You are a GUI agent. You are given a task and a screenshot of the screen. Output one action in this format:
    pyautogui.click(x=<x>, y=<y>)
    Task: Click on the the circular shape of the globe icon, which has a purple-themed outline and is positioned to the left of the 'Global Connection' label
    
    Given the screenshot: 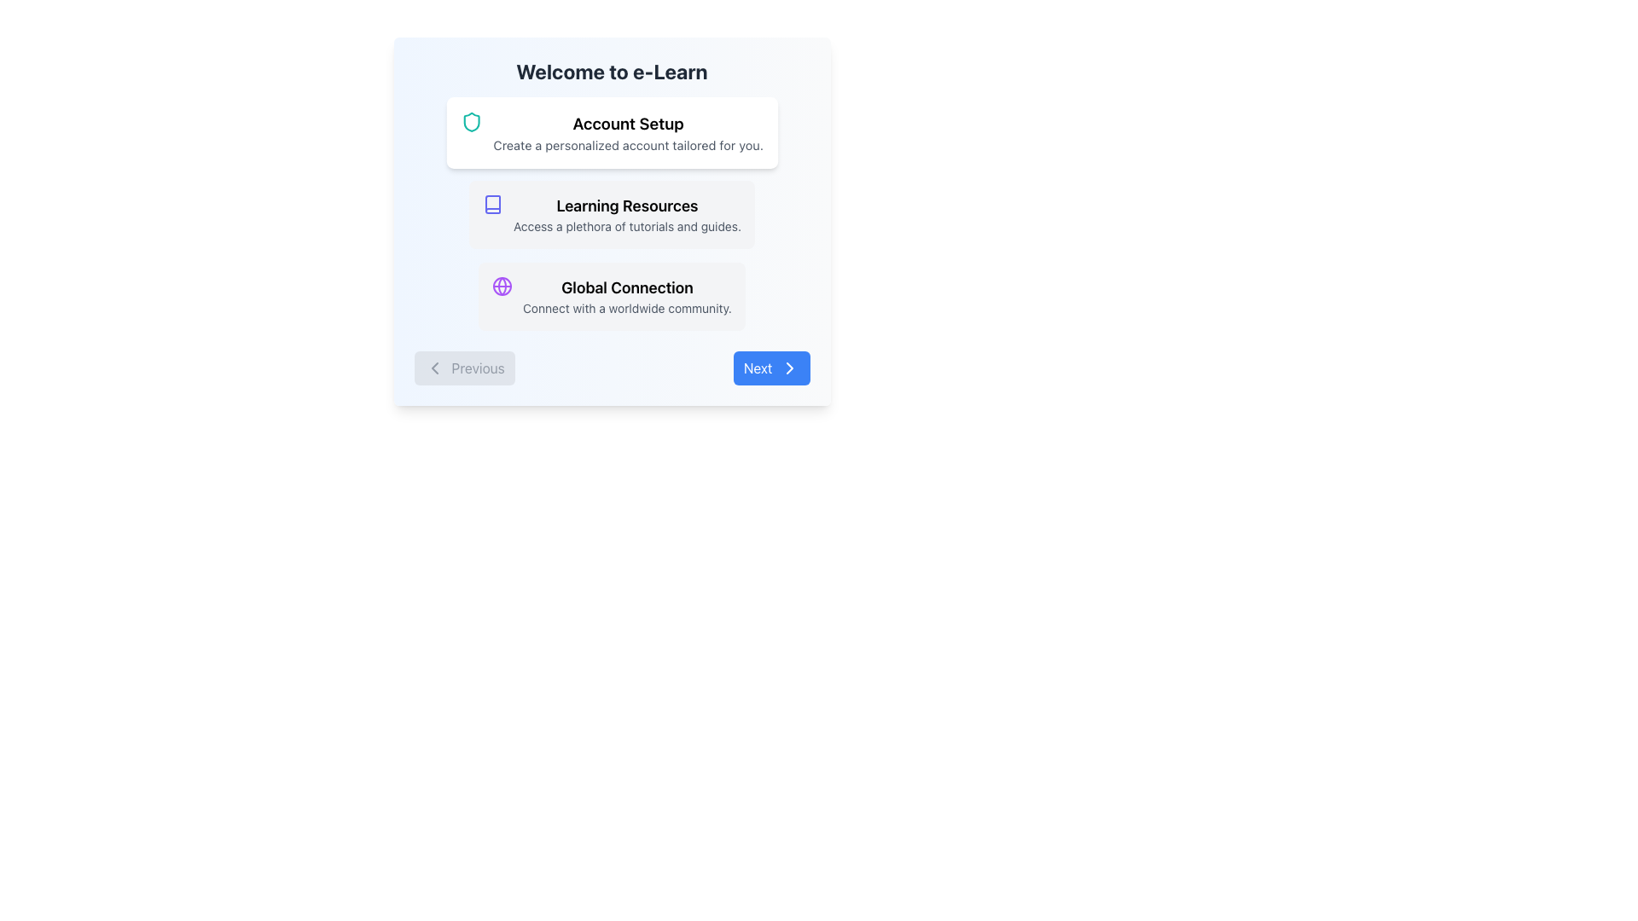 What is the action you would take?
    pyautogui.click(x=502, y=285)
    